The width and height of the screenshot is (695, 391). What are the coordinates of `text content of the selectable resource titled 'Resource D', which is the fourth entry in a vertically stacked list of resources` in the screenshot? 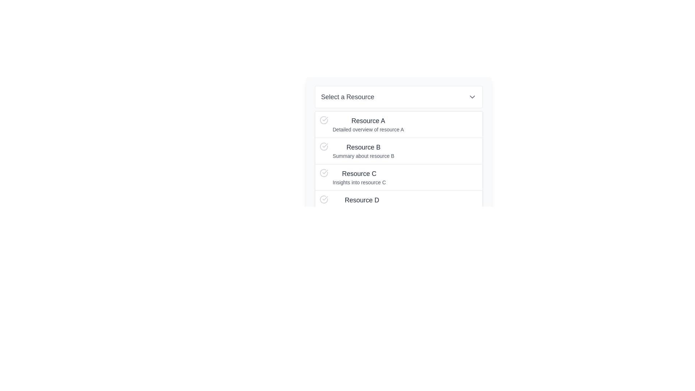 It's located at (362, 204).